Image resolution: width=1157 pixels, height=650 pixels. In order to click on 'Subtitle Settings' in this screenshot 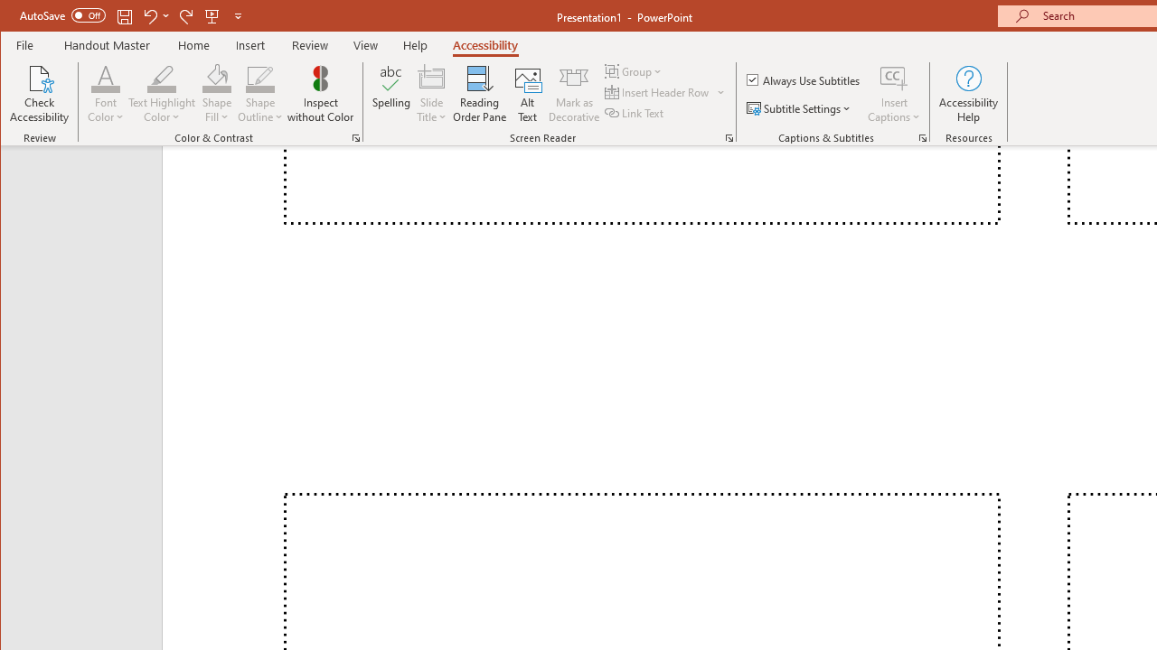, I will do `click(799, 108)`.